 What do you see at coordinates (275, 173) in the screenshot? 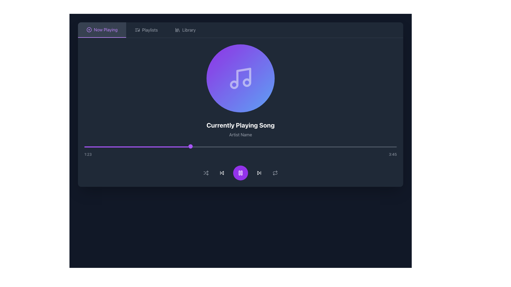
I see `the circular button with a gray repeat icon, which is the fifth button from the left in a horizontal row of similar buttons at the bottom center of the interface, to change its background color` at bounding box center [275, 173].